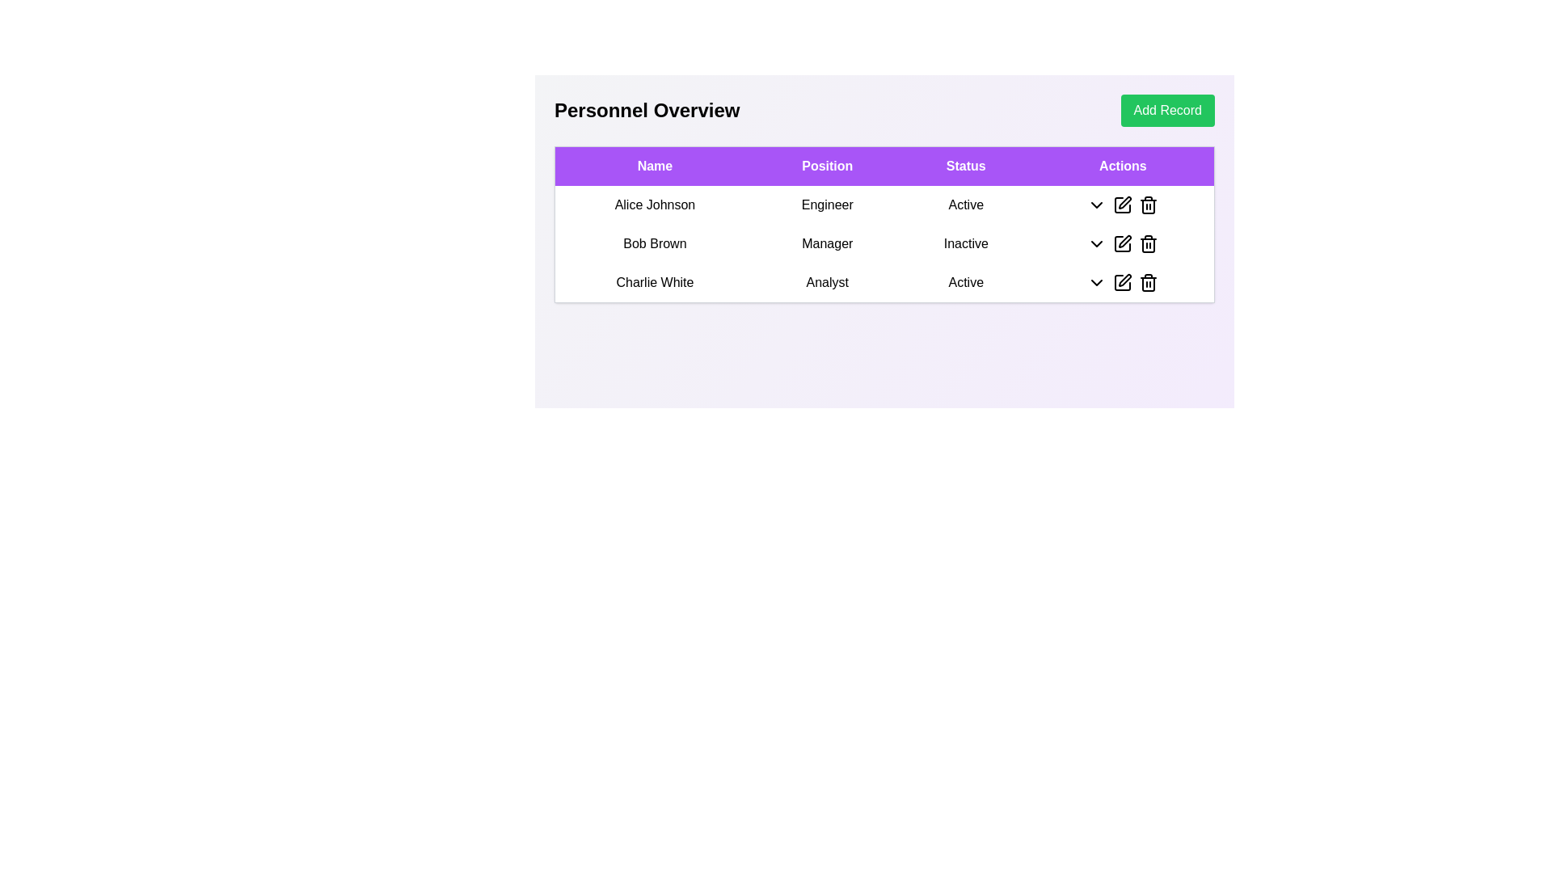 Image resolution: width=1552 pixels, height=873 pixels. I want to click on the Edit icon button, which resembles a pencil symbol and is located in the second row of the 'Actions' column under the 'Manager' row, so click(1124, 242).